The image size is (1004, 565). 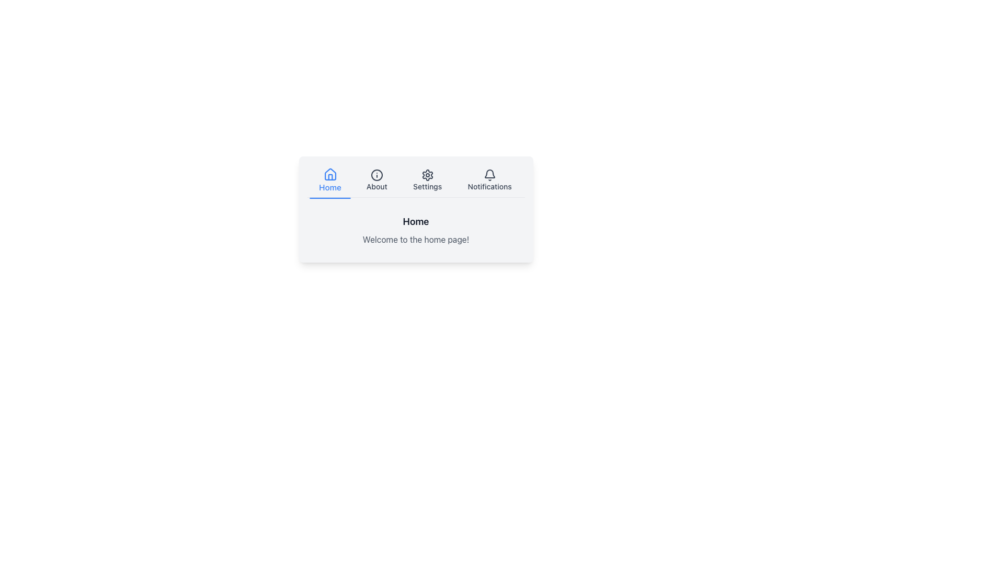 I want to click on the blue-outlined house icon representing the 'Home' section in the navigation bar, so click(x=329, y=174).